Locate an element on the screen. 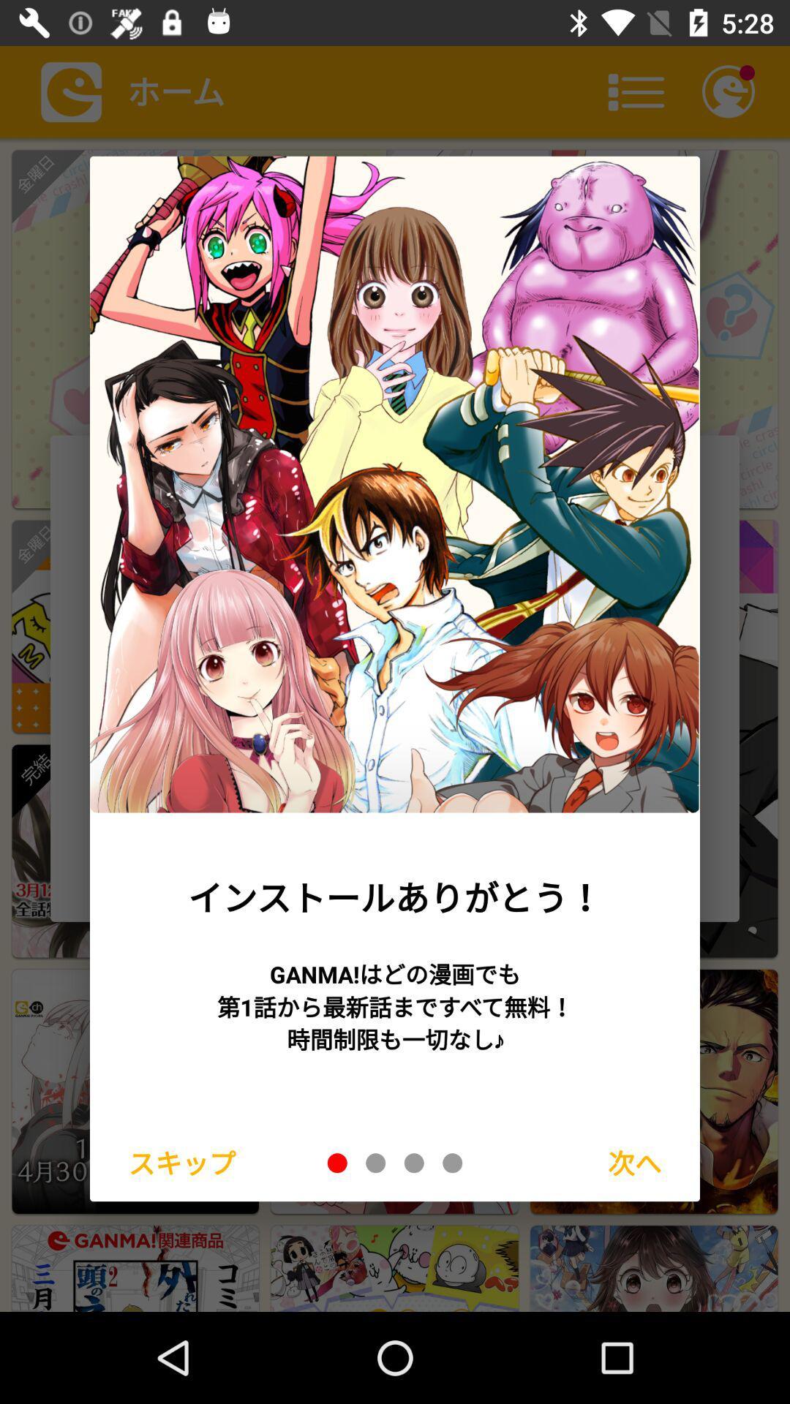 The height and width of the screenshot is (1404, 790). display picture on this link is located at coordinates (414, 1162).